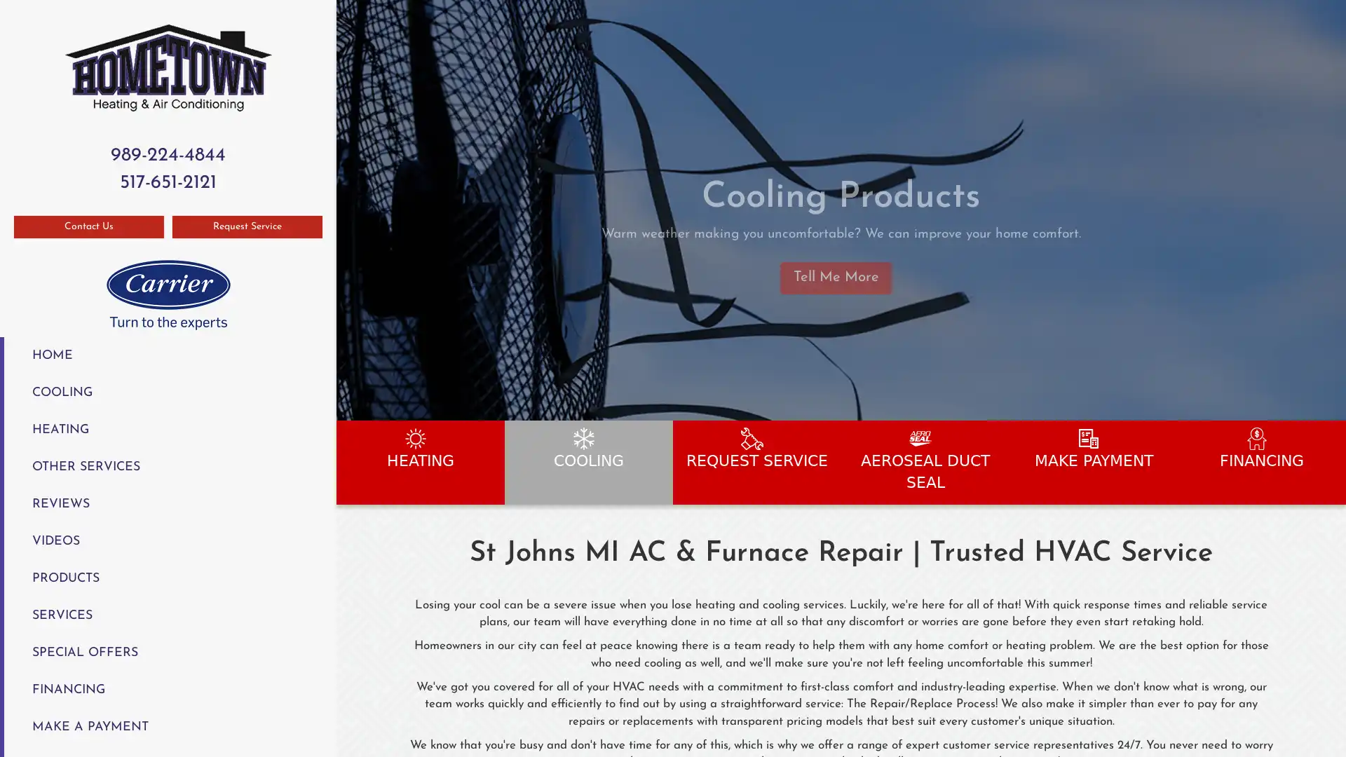  What do you see at coordinates (247, 226) in the screenshot?
I see `Request Service` at bounding box center [247, 226].